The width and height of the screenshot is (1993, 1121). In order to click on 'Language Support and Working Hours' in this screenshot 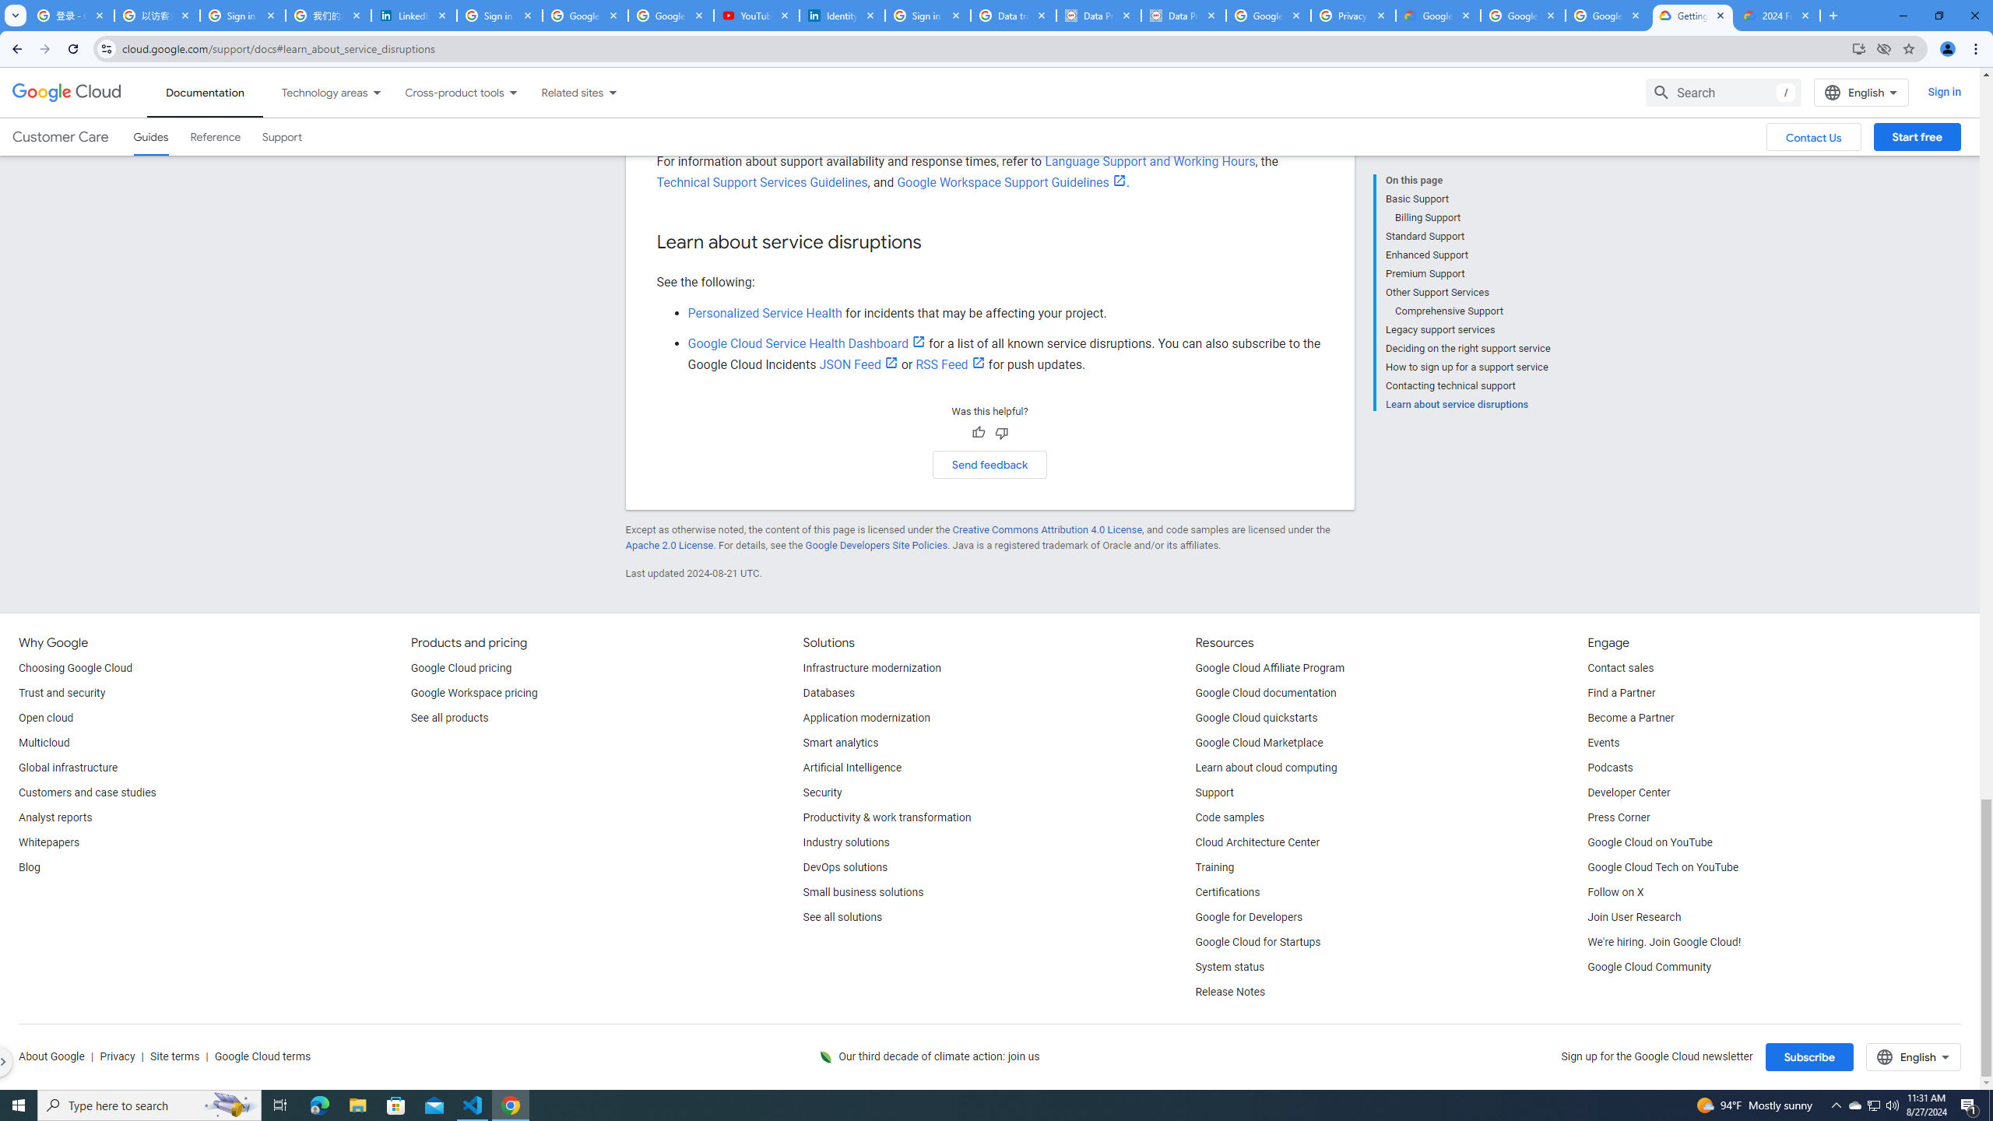, I will do `click(1149, 161)`.